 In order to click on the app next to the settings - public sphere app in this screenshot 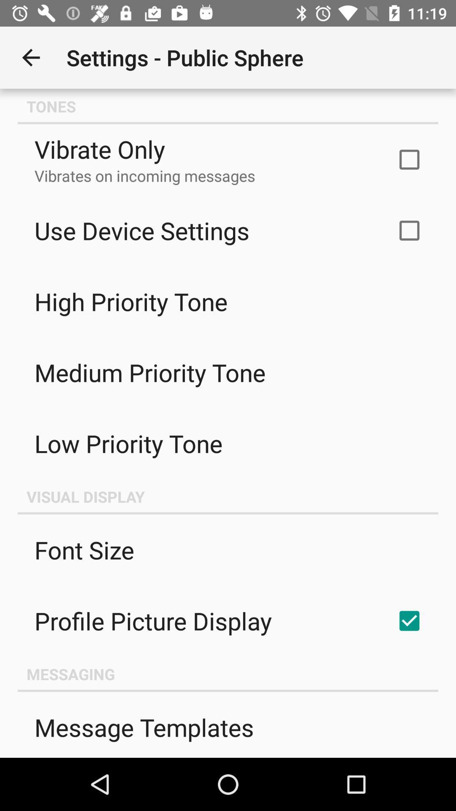, I will do `click(30, 57)`.